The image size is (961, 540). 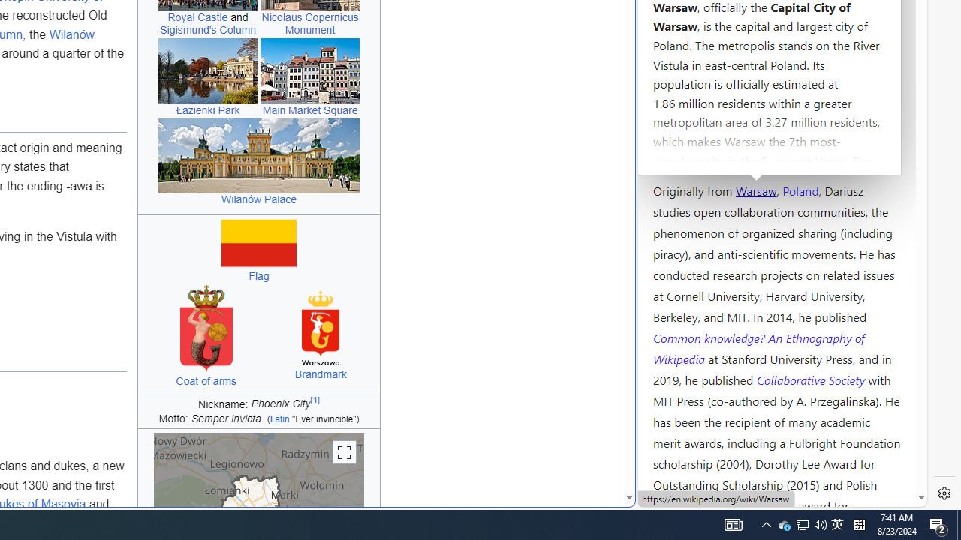 I want to click on '[1]', so click(x=315, y=399).